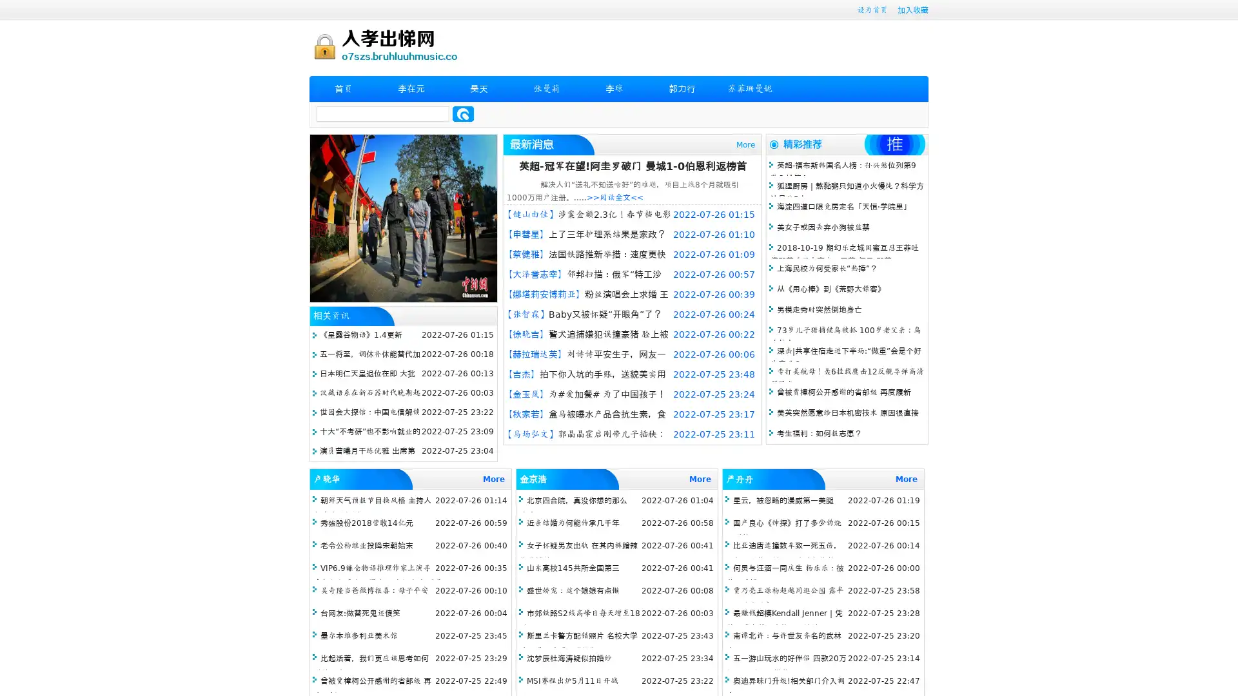 The width and height of the screenshot is (1238, 696). Describe the element at coordinates (463, 113) in the screenshot. I see `Search` at that location.